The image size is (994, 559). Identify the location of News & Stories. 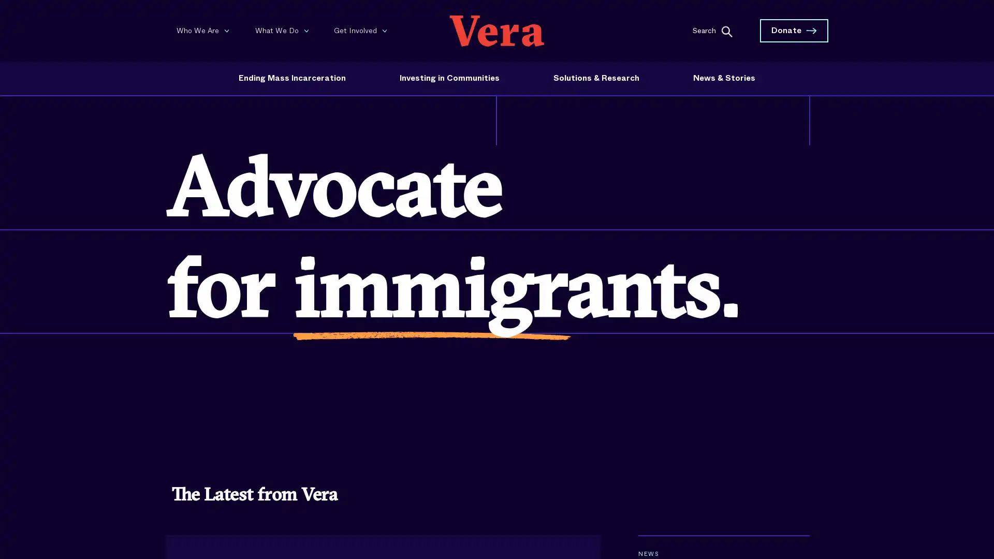
(723, 78).